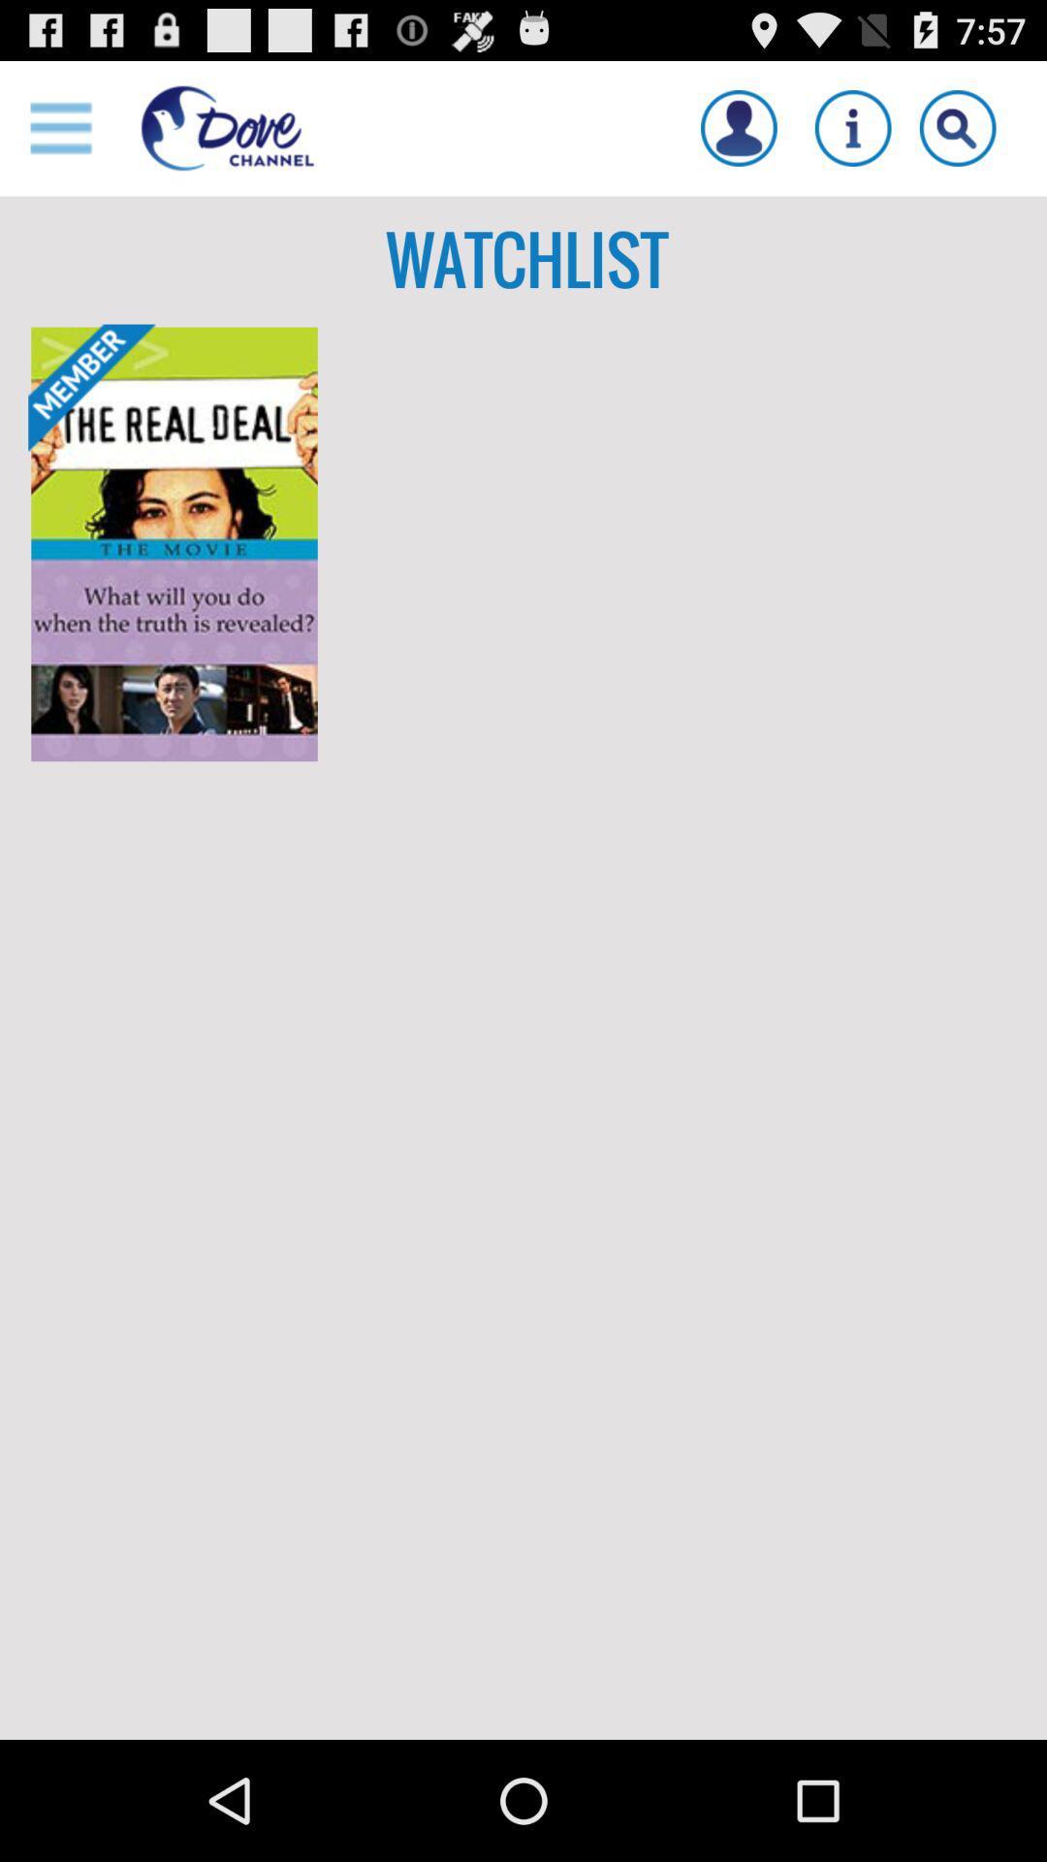 The height and width of the screenshot is (1862, 1047). Describe the element at coordinates (957, 136) in the screenshot. I see `the search icon` at that location.